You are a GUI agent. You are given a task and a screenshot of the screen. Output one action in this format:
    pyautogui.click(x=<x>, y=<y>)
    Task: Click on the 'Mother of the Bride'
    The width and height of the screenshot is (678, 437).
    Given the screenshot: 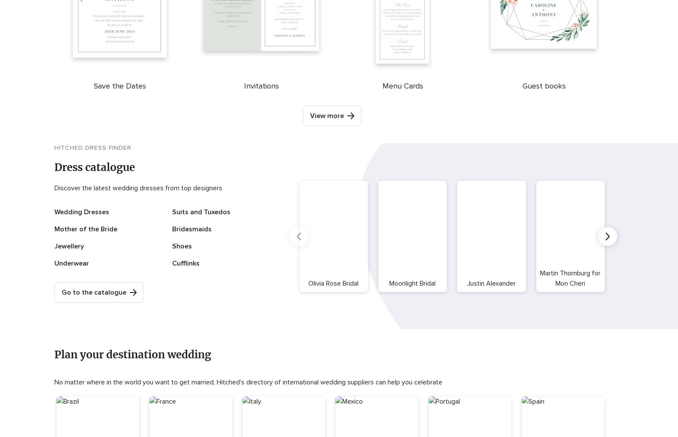 What is the action you would take?
    pyautogui.click(x=85, y=229)
    